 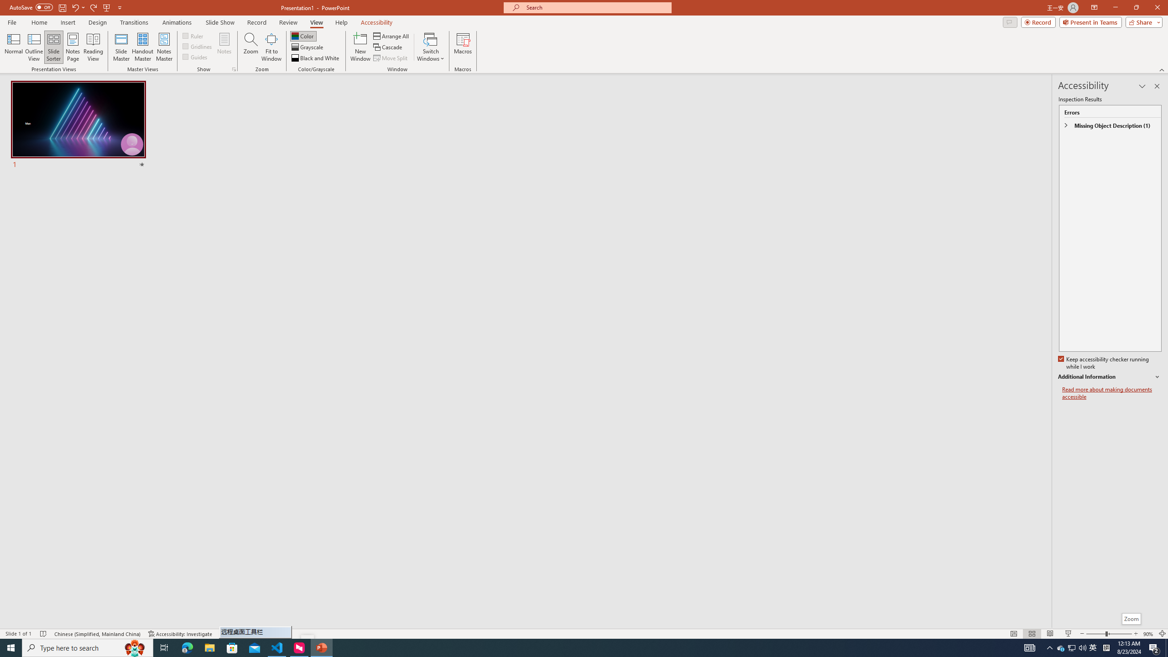 What do you see at coordinates (391, 58) in the screenshot?
I see `'Move Split'` at bounding box center [391, 58].